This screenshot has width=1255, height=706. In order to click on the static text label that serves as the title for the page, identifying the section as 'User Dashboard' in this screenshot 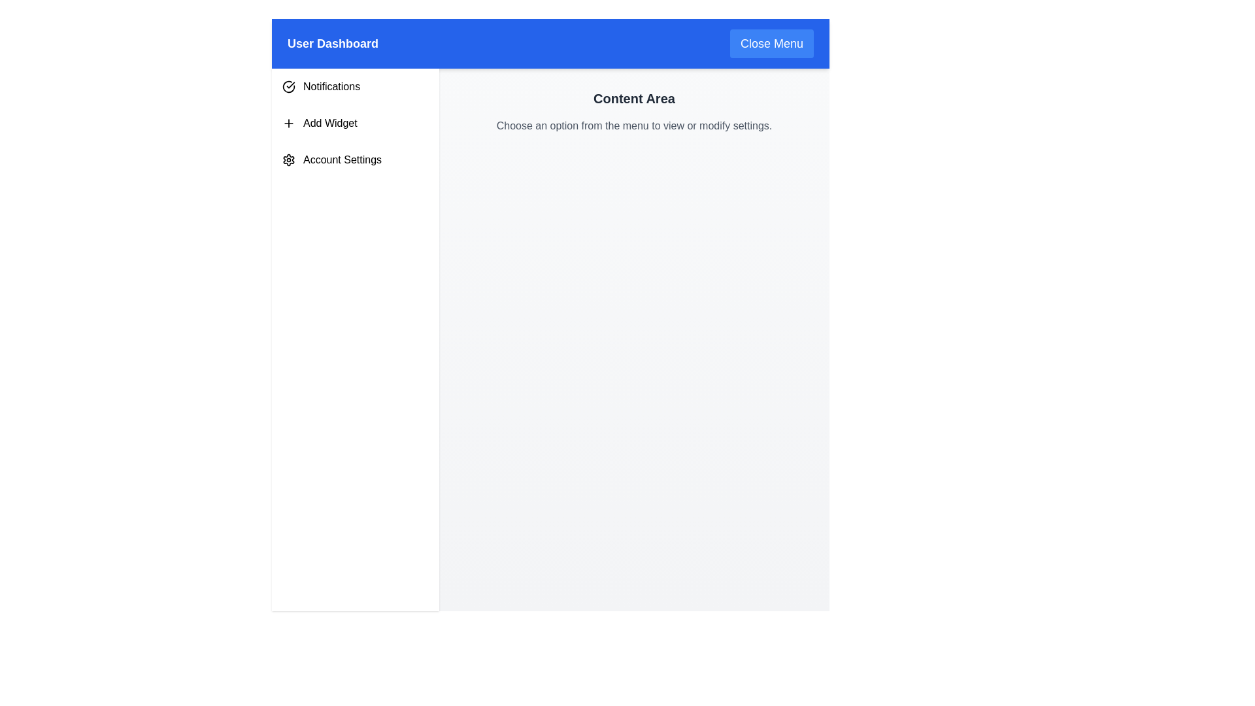, I will do `click(333, 42)`.